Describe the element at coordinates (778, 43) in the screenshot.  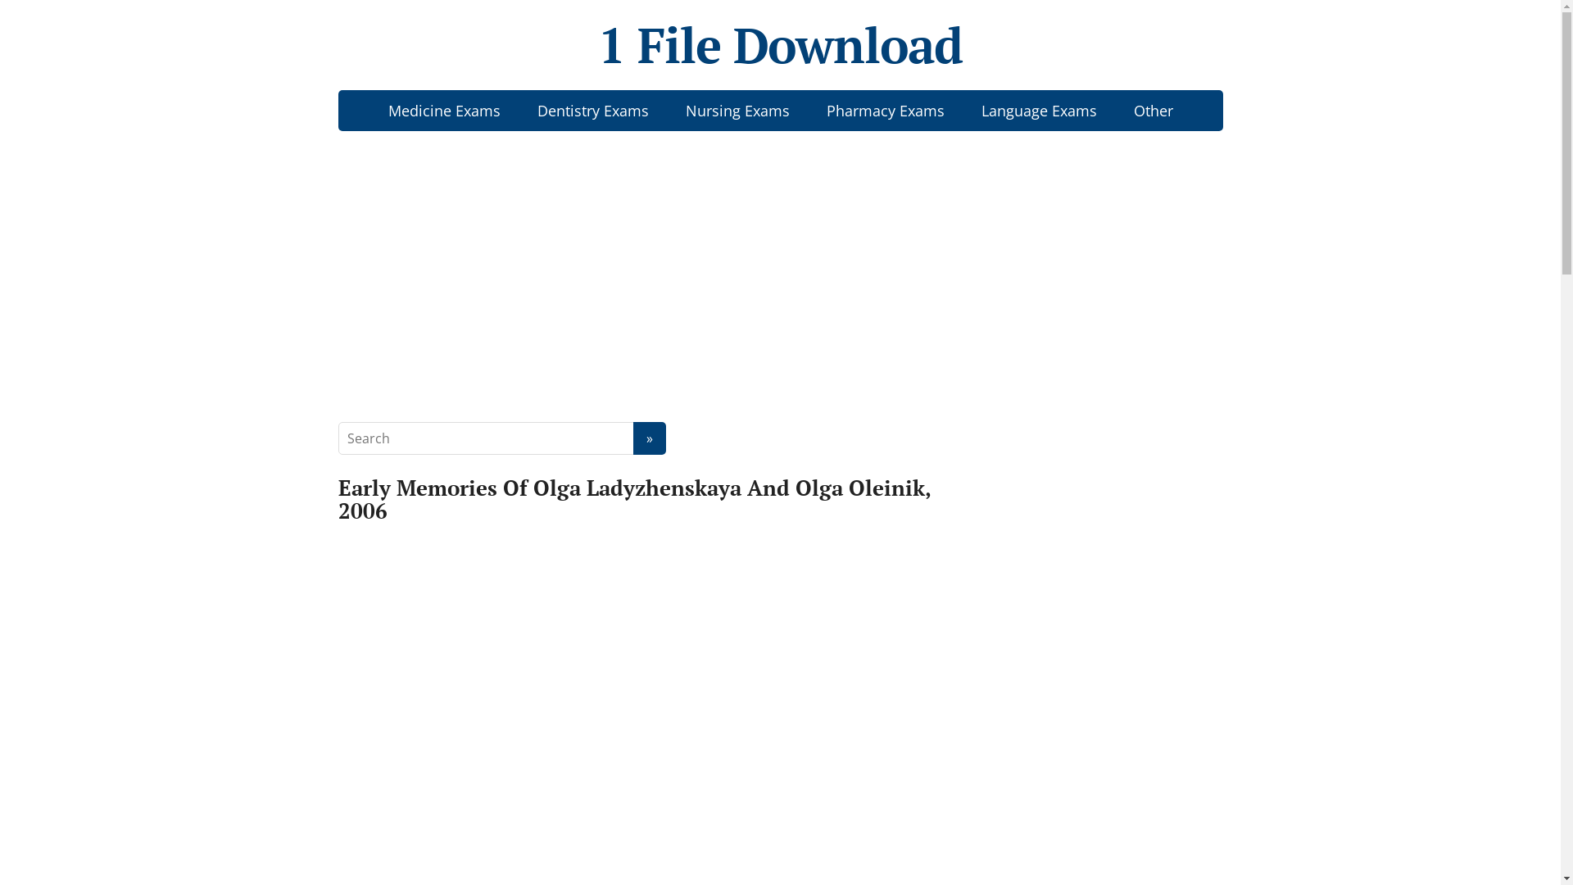
I see `'1 File Download'` at that location.